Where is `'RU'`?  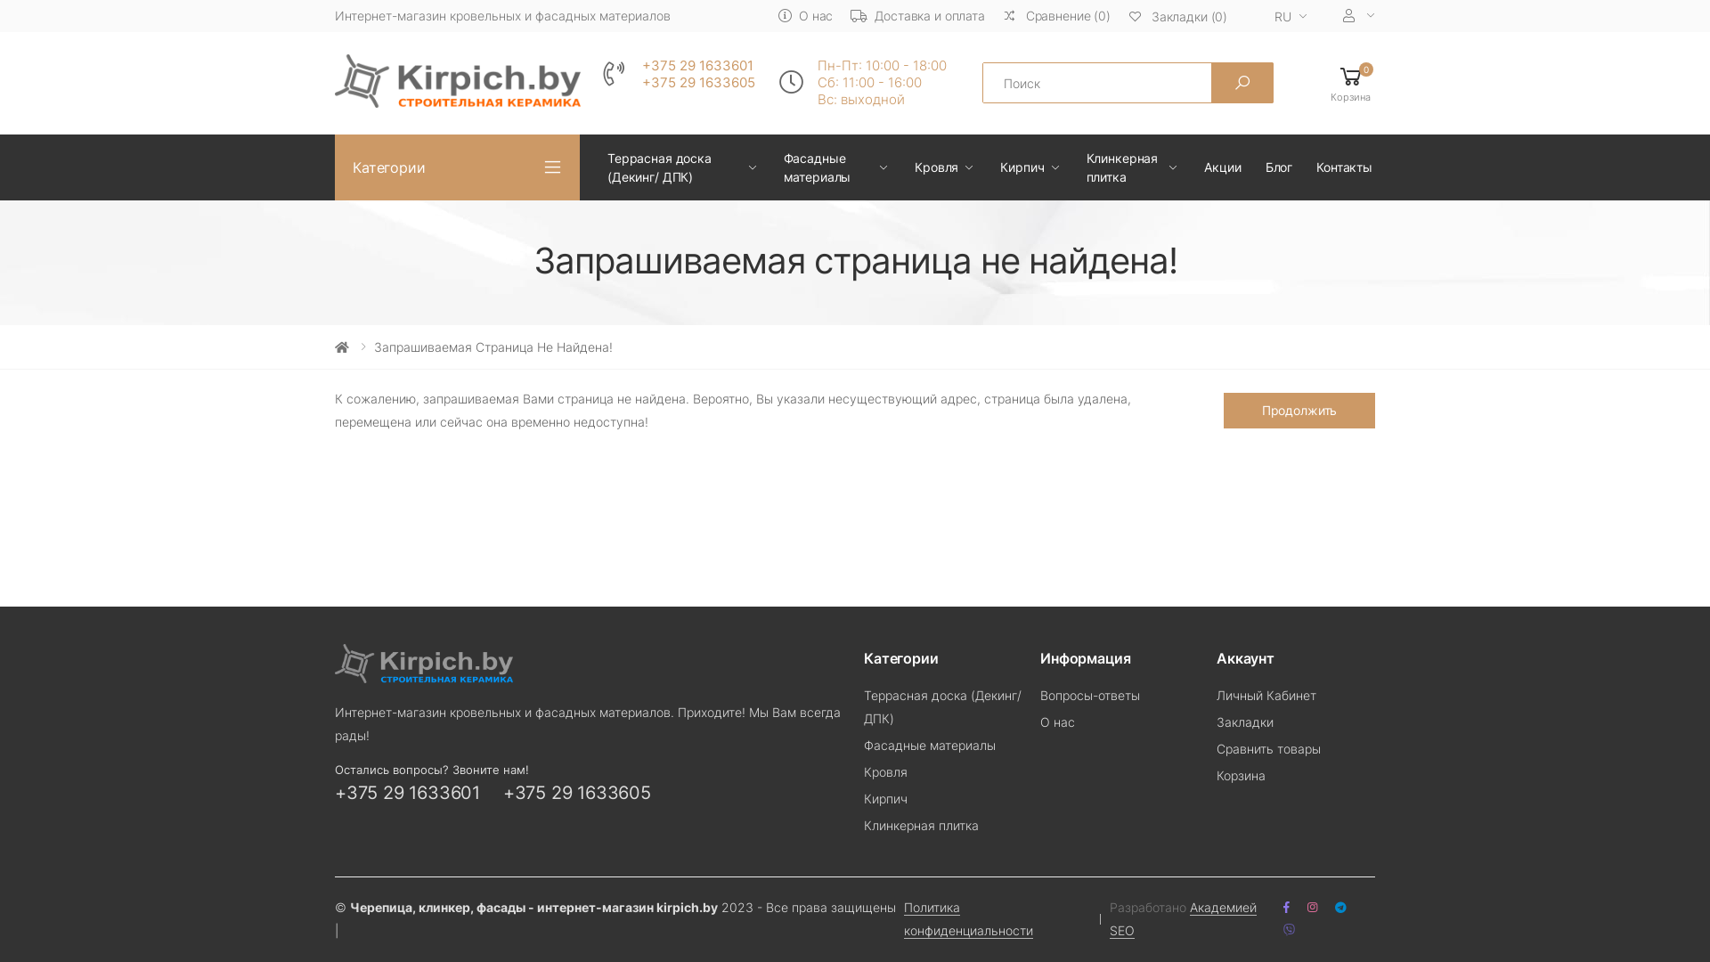 'RU' is located at coordinates (1285, 17).